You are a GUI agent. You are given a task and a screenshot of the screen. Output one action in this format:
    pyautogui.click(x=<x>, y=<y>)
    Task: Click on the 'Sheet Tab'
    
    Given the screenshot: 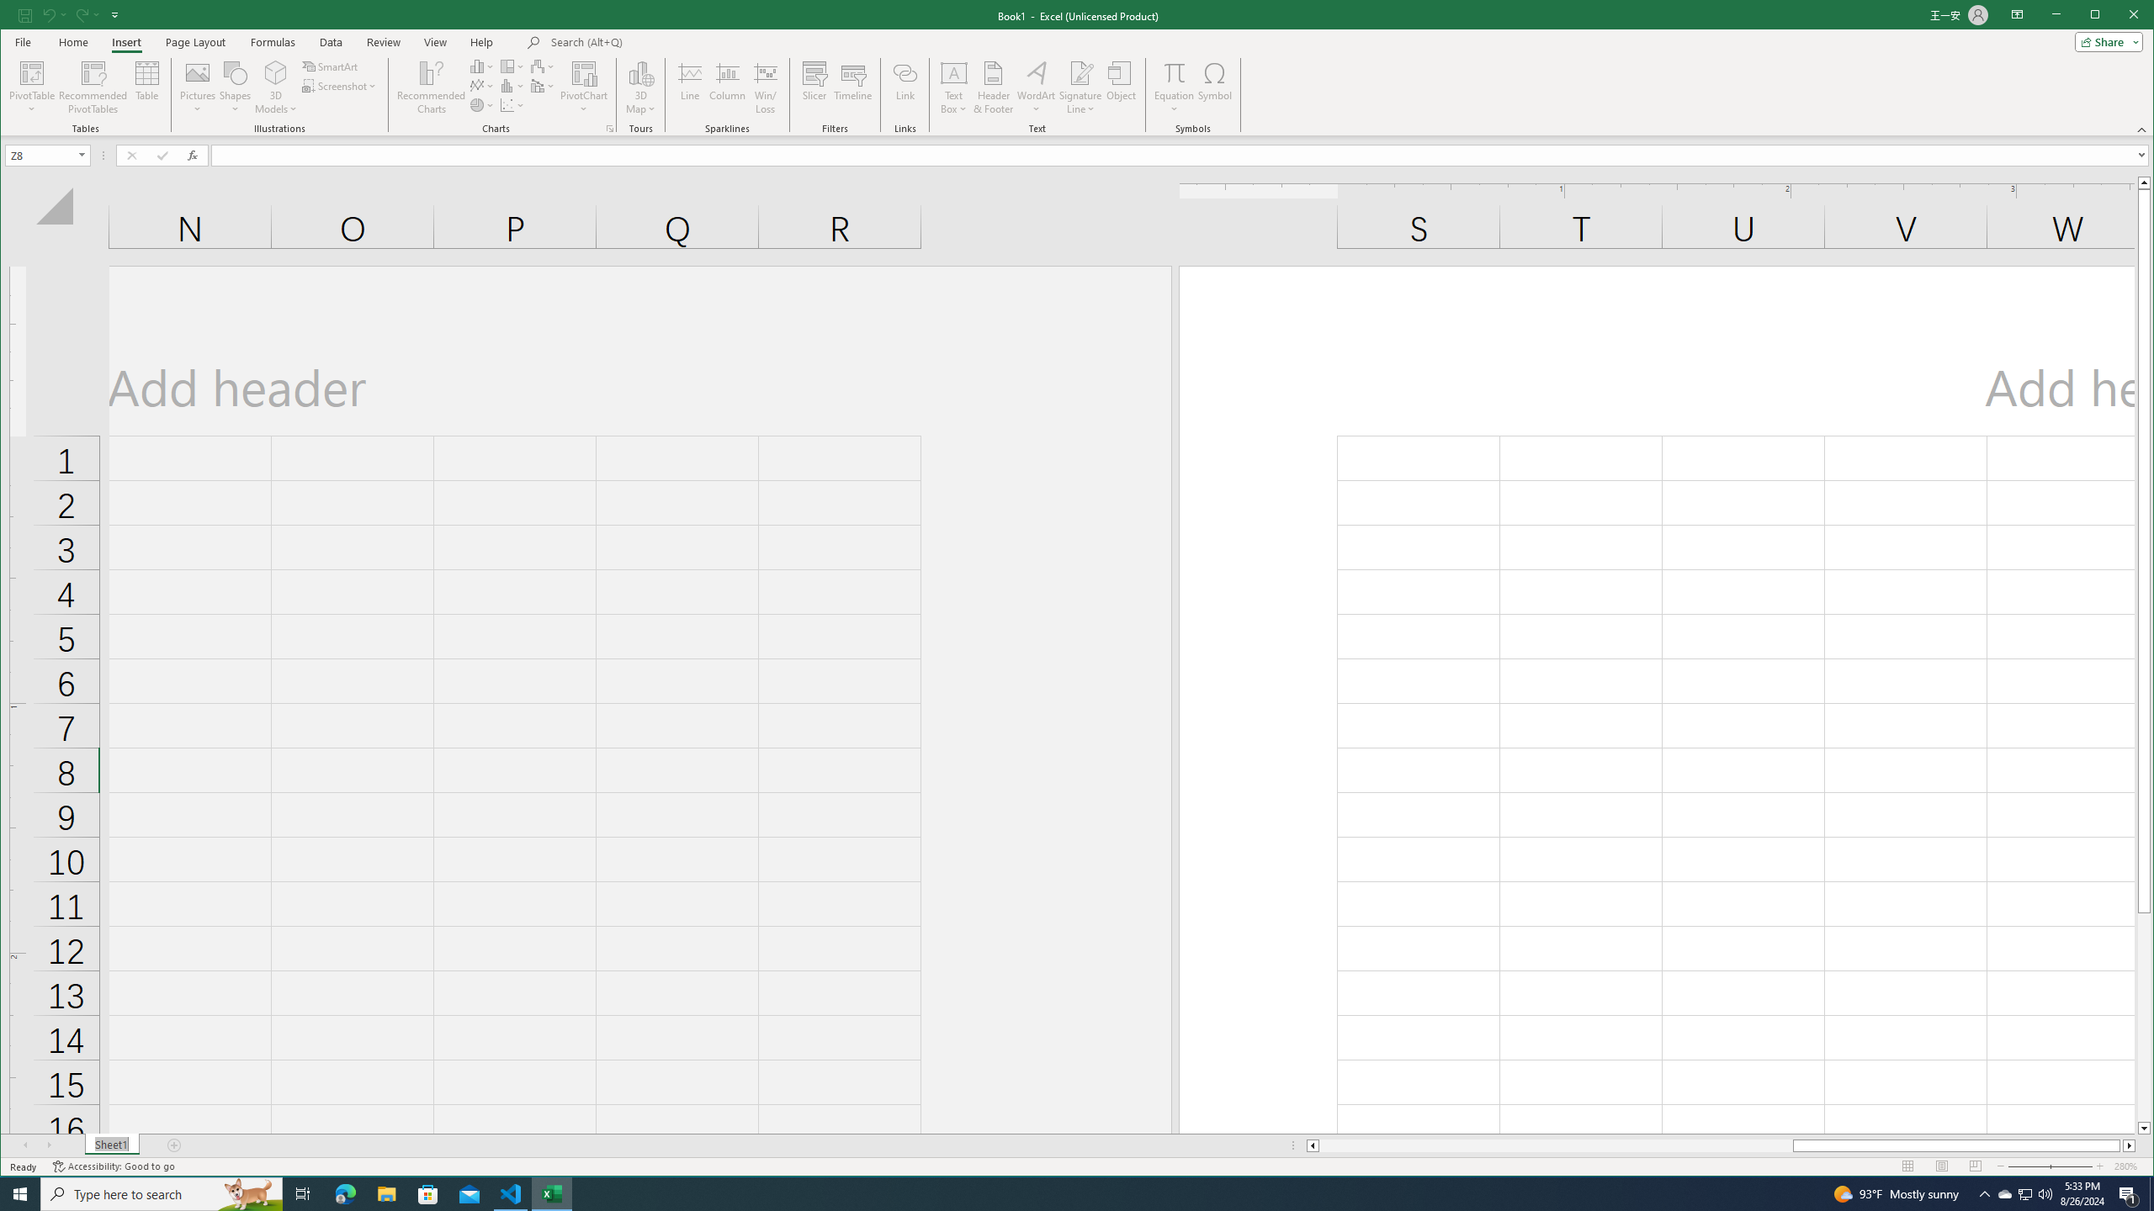 What is the action you would take?
    pyautogui.click(x=112, y=1145)
    